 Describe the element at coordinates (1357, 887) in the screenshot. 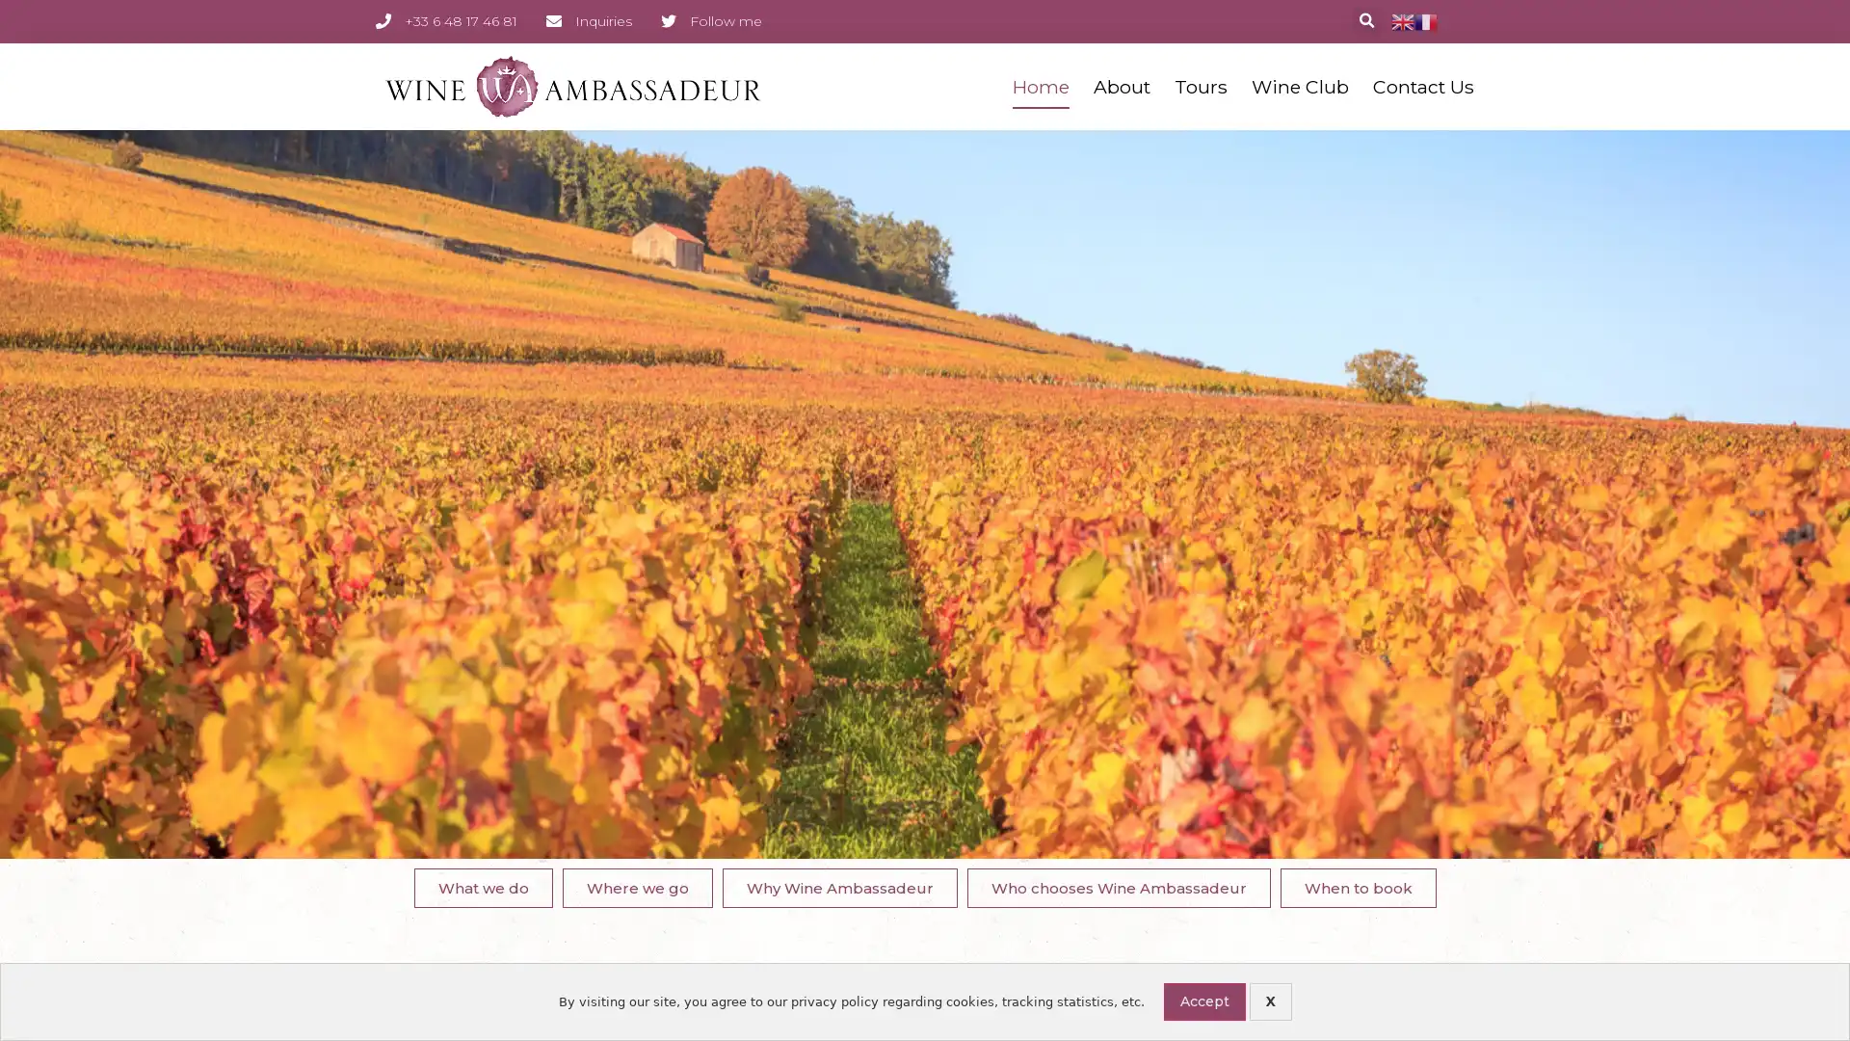

I see `When to book` at that location.